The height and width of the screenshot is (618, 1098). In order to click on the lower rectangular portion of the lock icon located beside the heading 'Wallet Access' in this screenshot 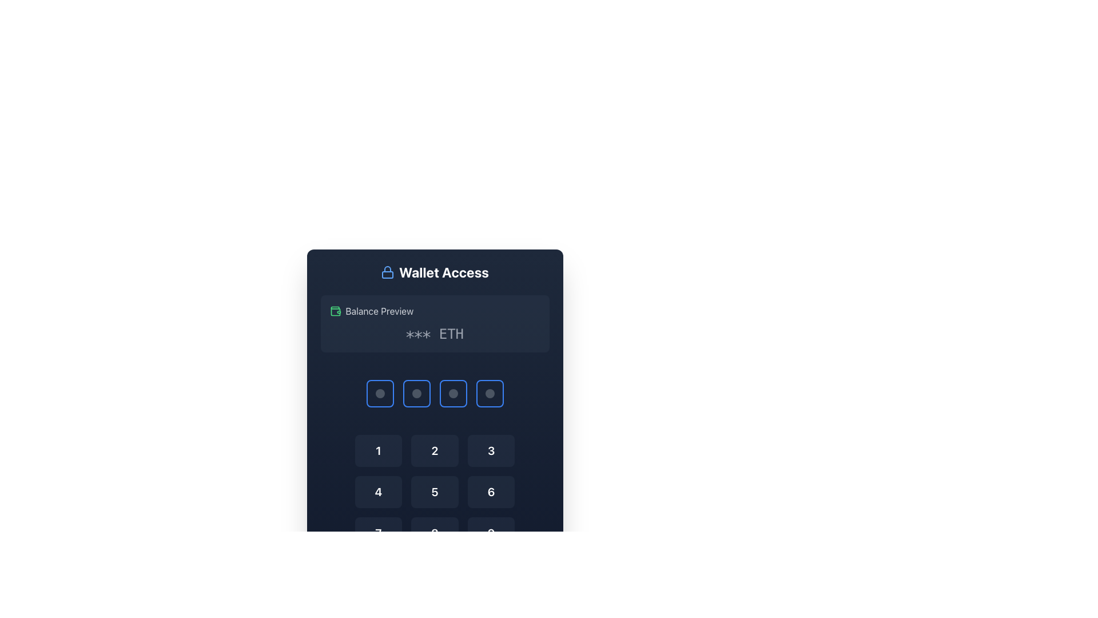, I will do `click(388, 275)`.